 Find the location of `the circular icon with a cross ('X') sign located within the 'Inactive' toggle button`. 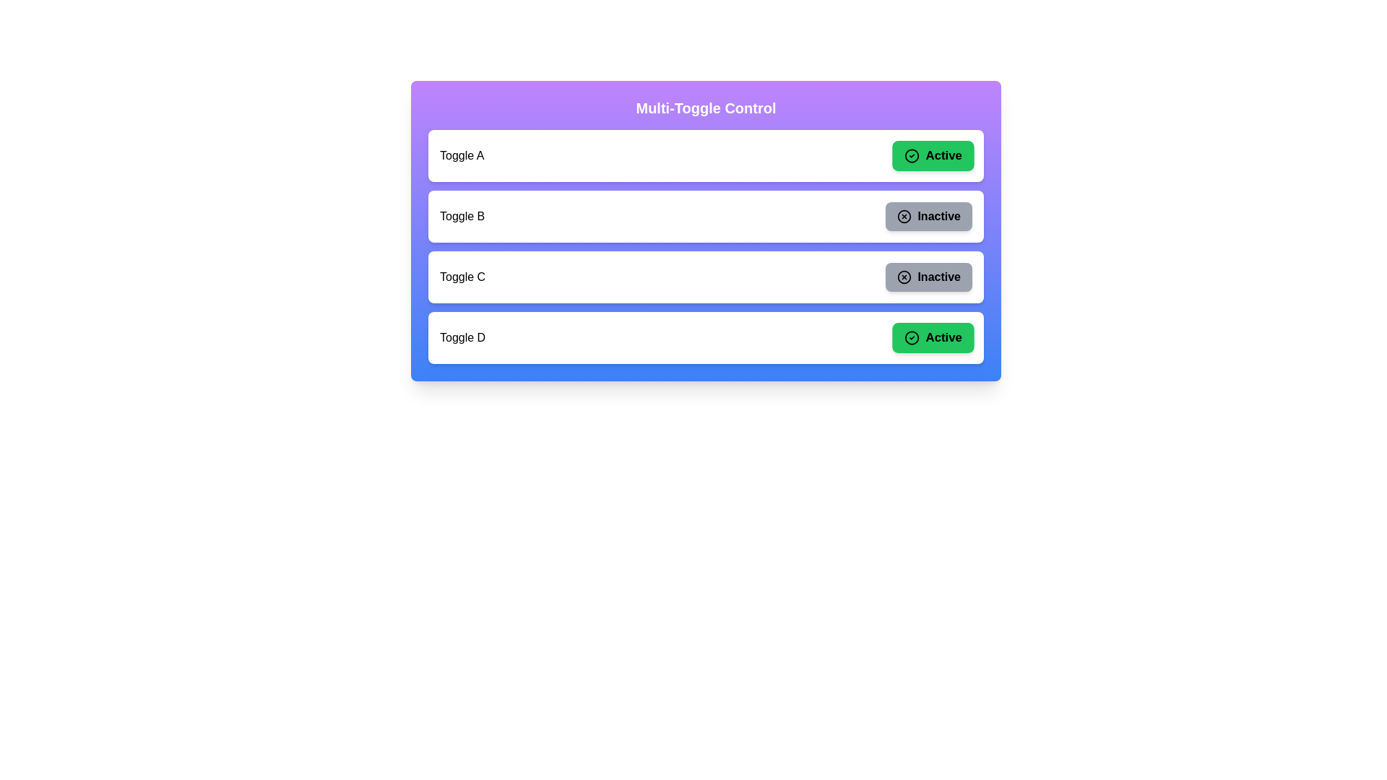

the circular icon with a cross ('X') sign located within the 'Inactive' toggle button is located at coordinates (904, 217).